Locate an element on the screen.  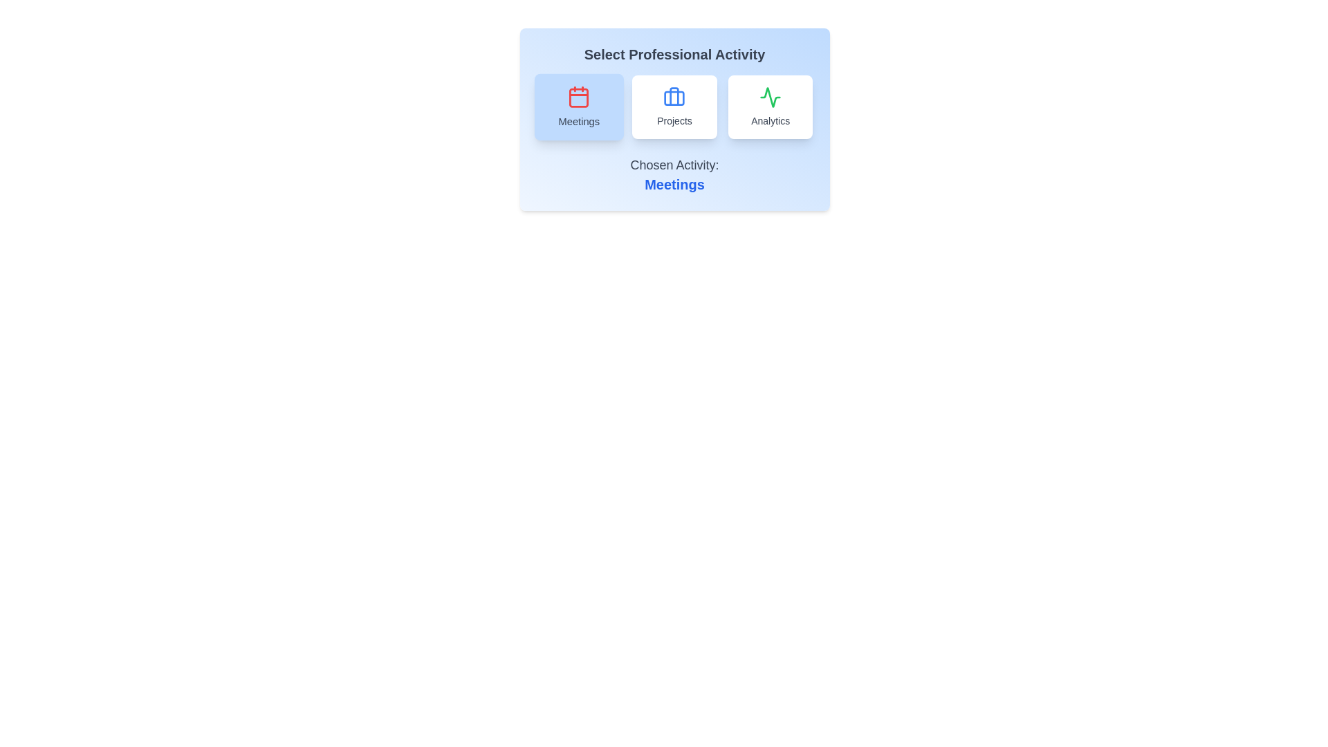
the Projects button to observe visual feedback is located at coordinates (674, 106).